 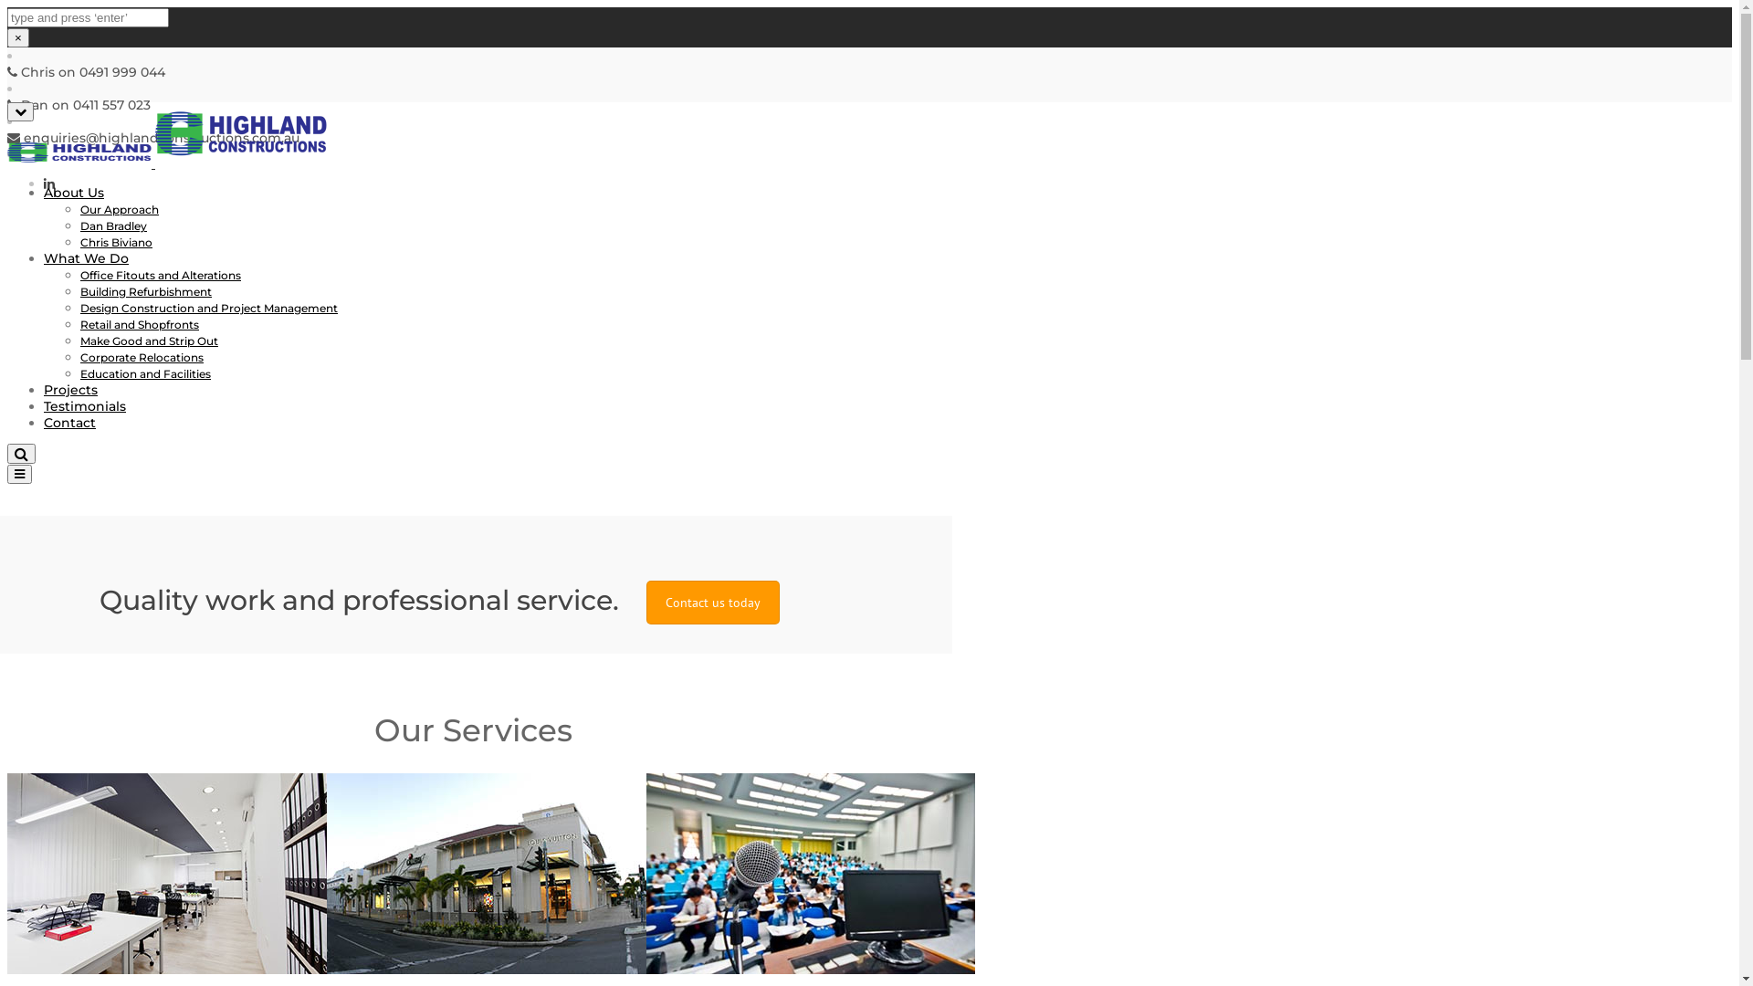 What do you see at coordinates (79, 208) in the screenshot?
I see `'Our Approach'` at bounding box center [79, 208].